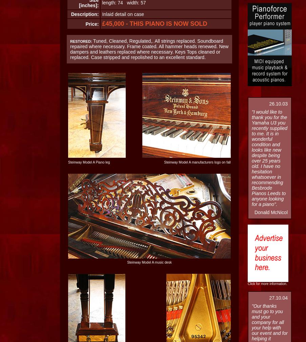  Describe the element at coordinates (155, 23) in the screenshot. I see `'£45,000 - THIS PIANO IS NOW SOLD'` at that location.